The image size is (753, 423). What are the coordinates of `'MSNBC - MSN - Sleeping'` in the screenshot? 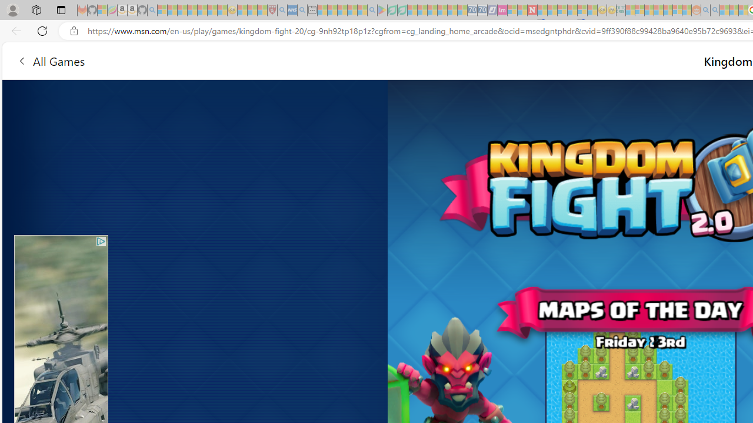 It's located at (629, 10).